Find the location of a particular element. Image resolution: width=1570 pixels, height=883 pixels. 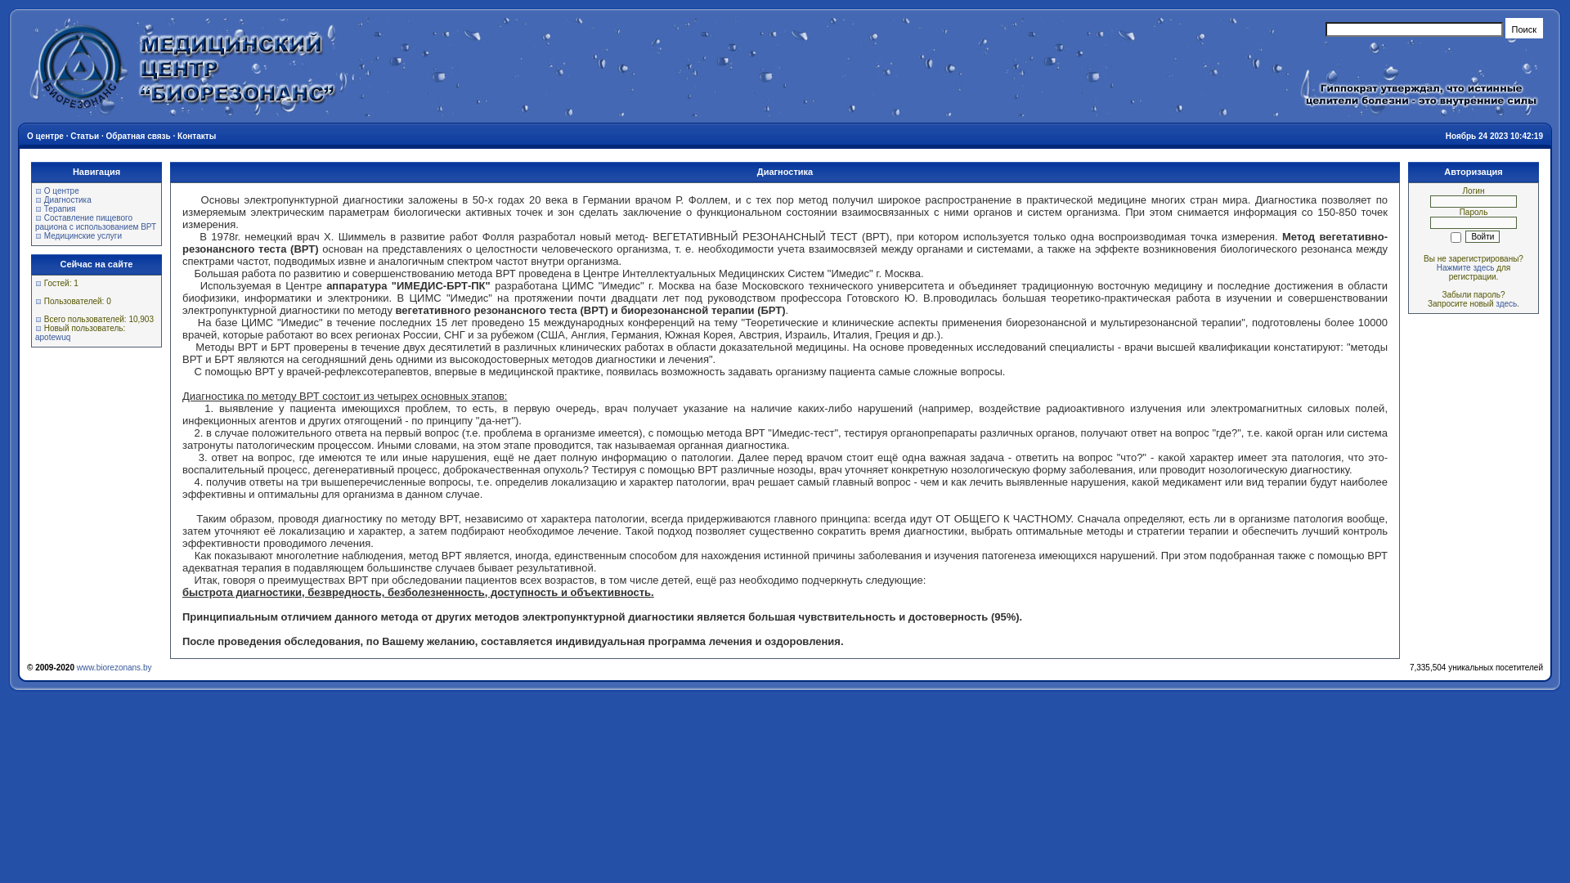

'www.biorezonans.by' is located at coordinates (113, 667).